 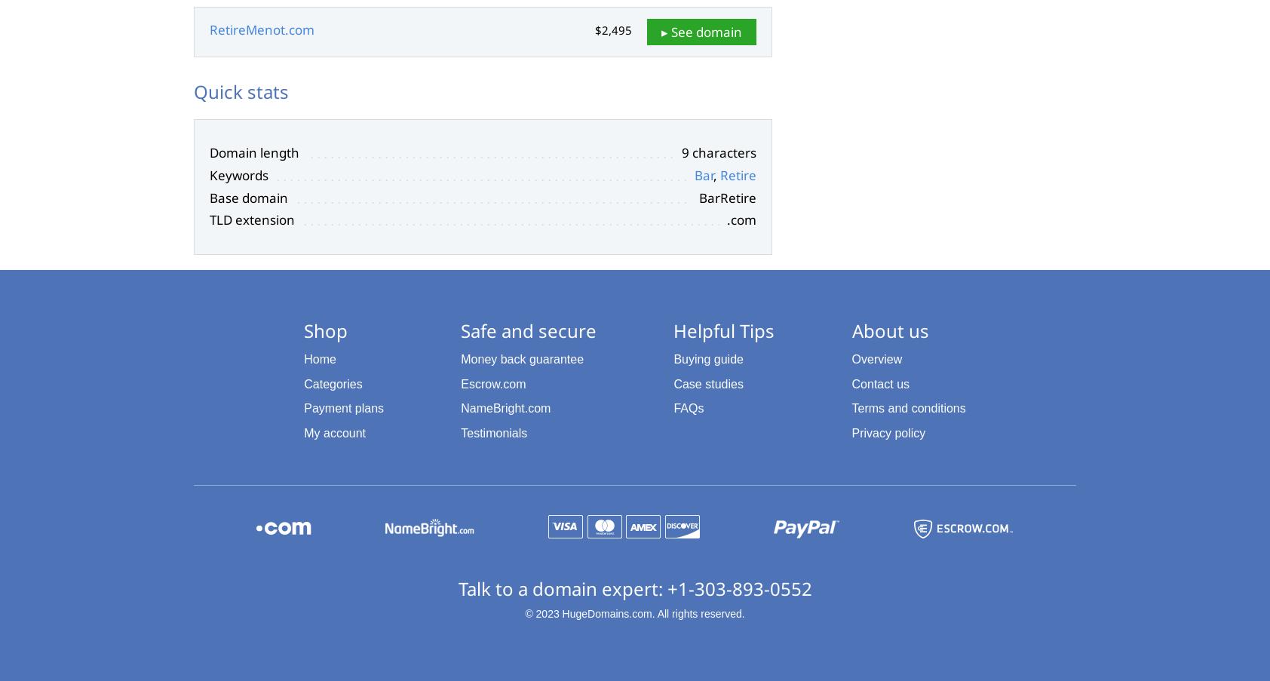 I want to click on 'Overview', so click(x=876, y=358).